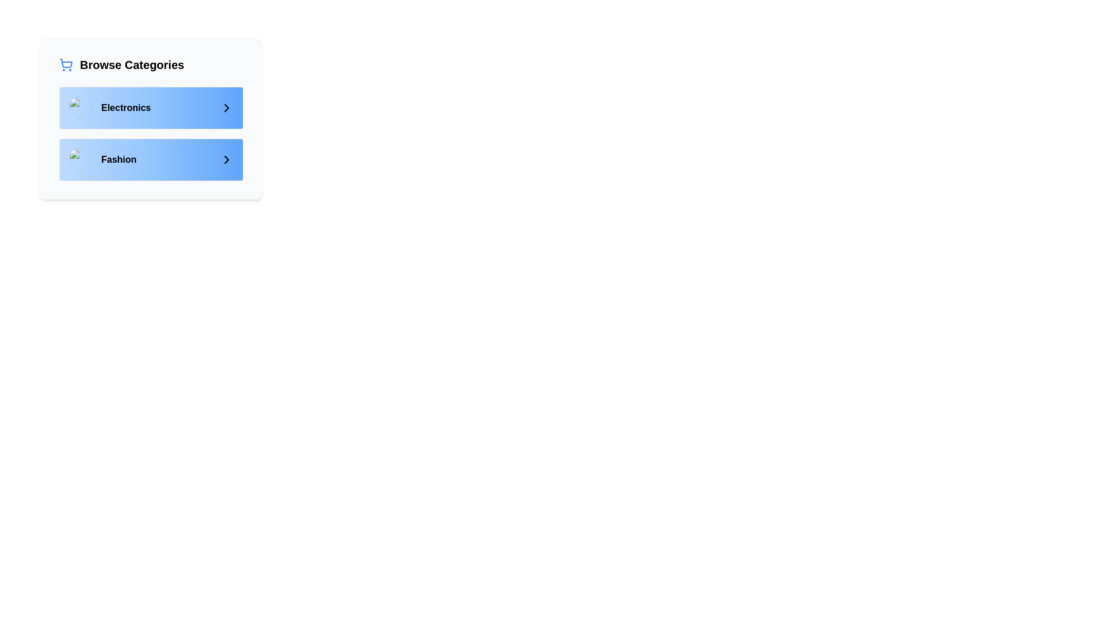 The width and height of the screenshot is (1105, 621). Describe the element at coordinates (151, 159) in the screenshot. I see `the second Interactive category card in the vertical list located below the 'Electronics' card` at that location.